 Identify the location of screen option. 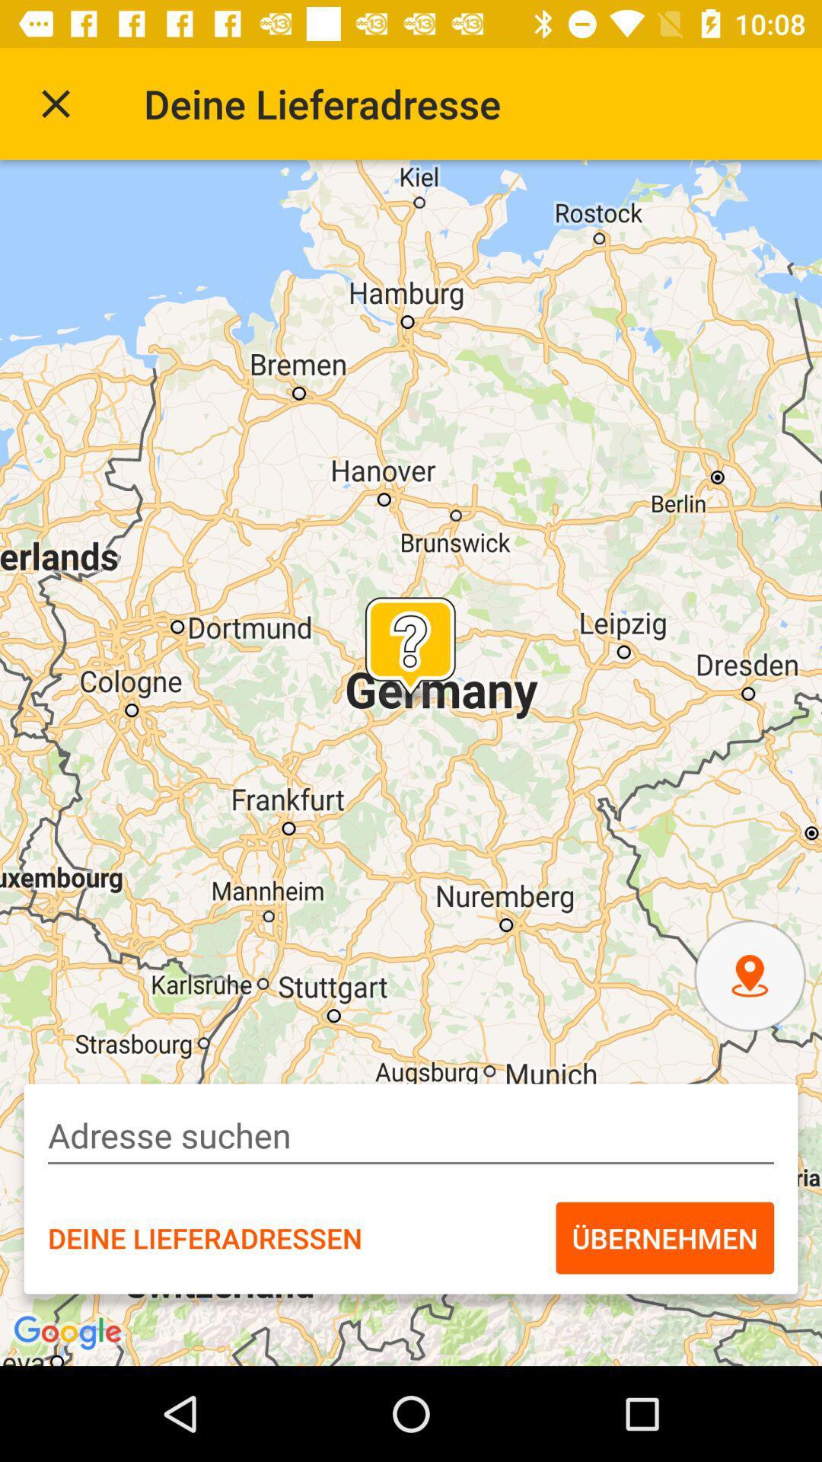
(55, 103).